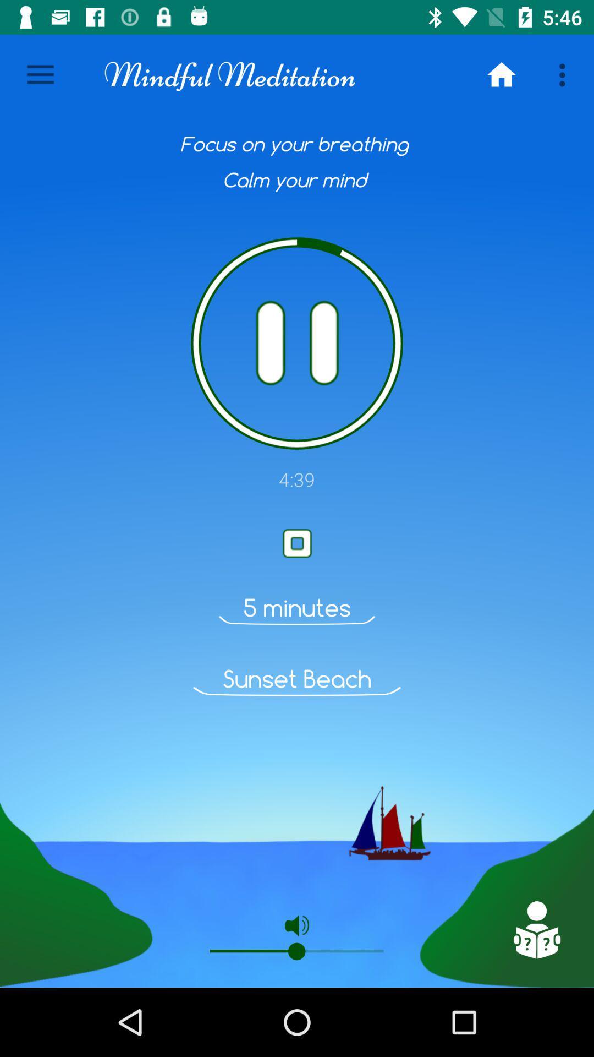  Describe the element at coordinates (536, 929) in the screenshot. I see `ask a question` at that location.